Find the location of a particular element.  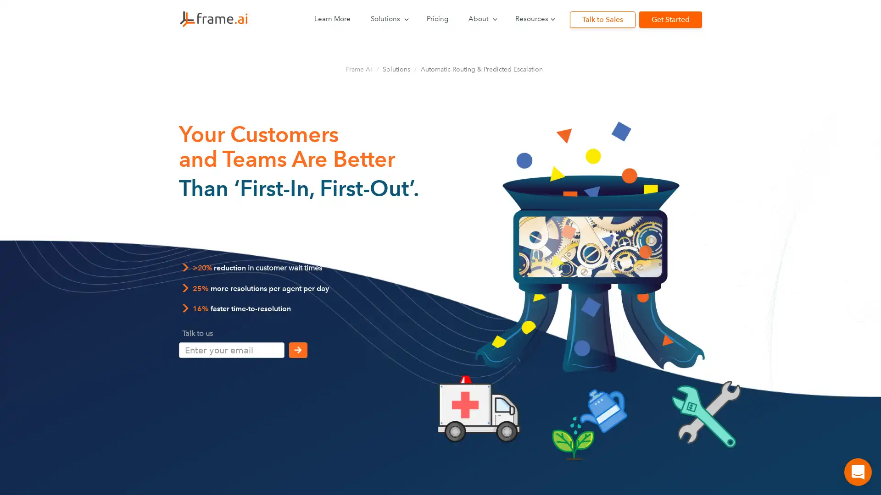

Open Intercom Messenger is located at coordinates (858, 472).